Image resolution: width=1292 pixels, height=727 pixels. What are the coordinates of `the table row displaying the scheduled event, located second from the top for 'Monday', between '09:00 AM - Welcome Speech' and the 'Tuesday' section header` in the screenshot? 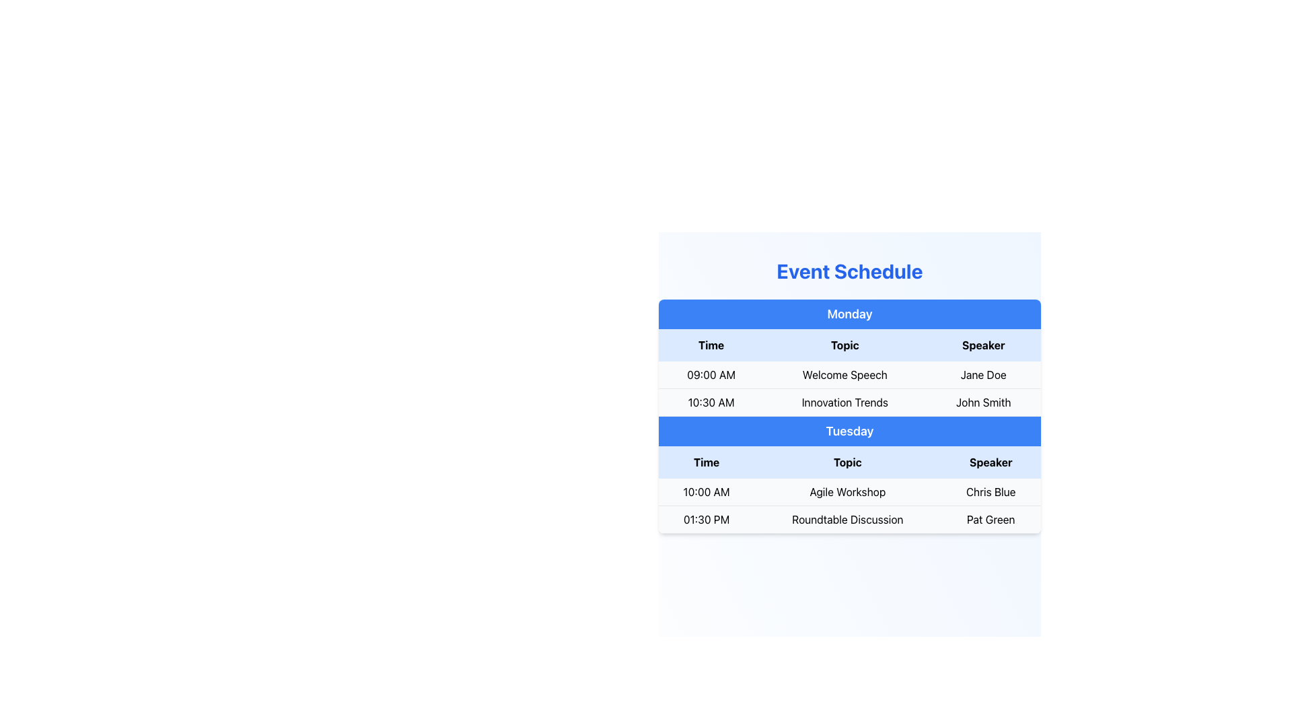 It's located at (849, 401).